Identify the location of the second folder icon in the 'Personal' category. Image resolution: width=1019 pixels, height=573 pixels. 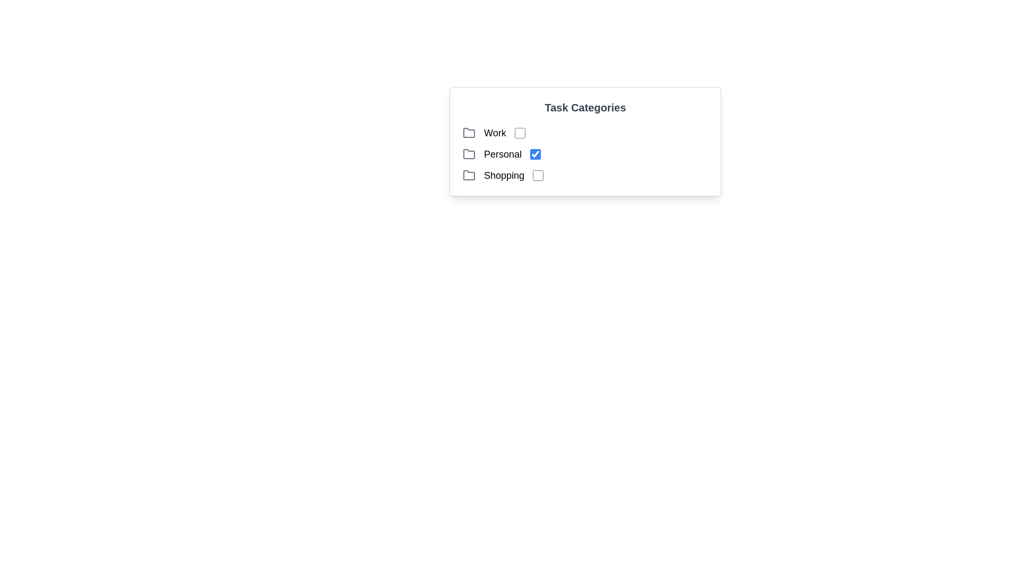
(468, 154).